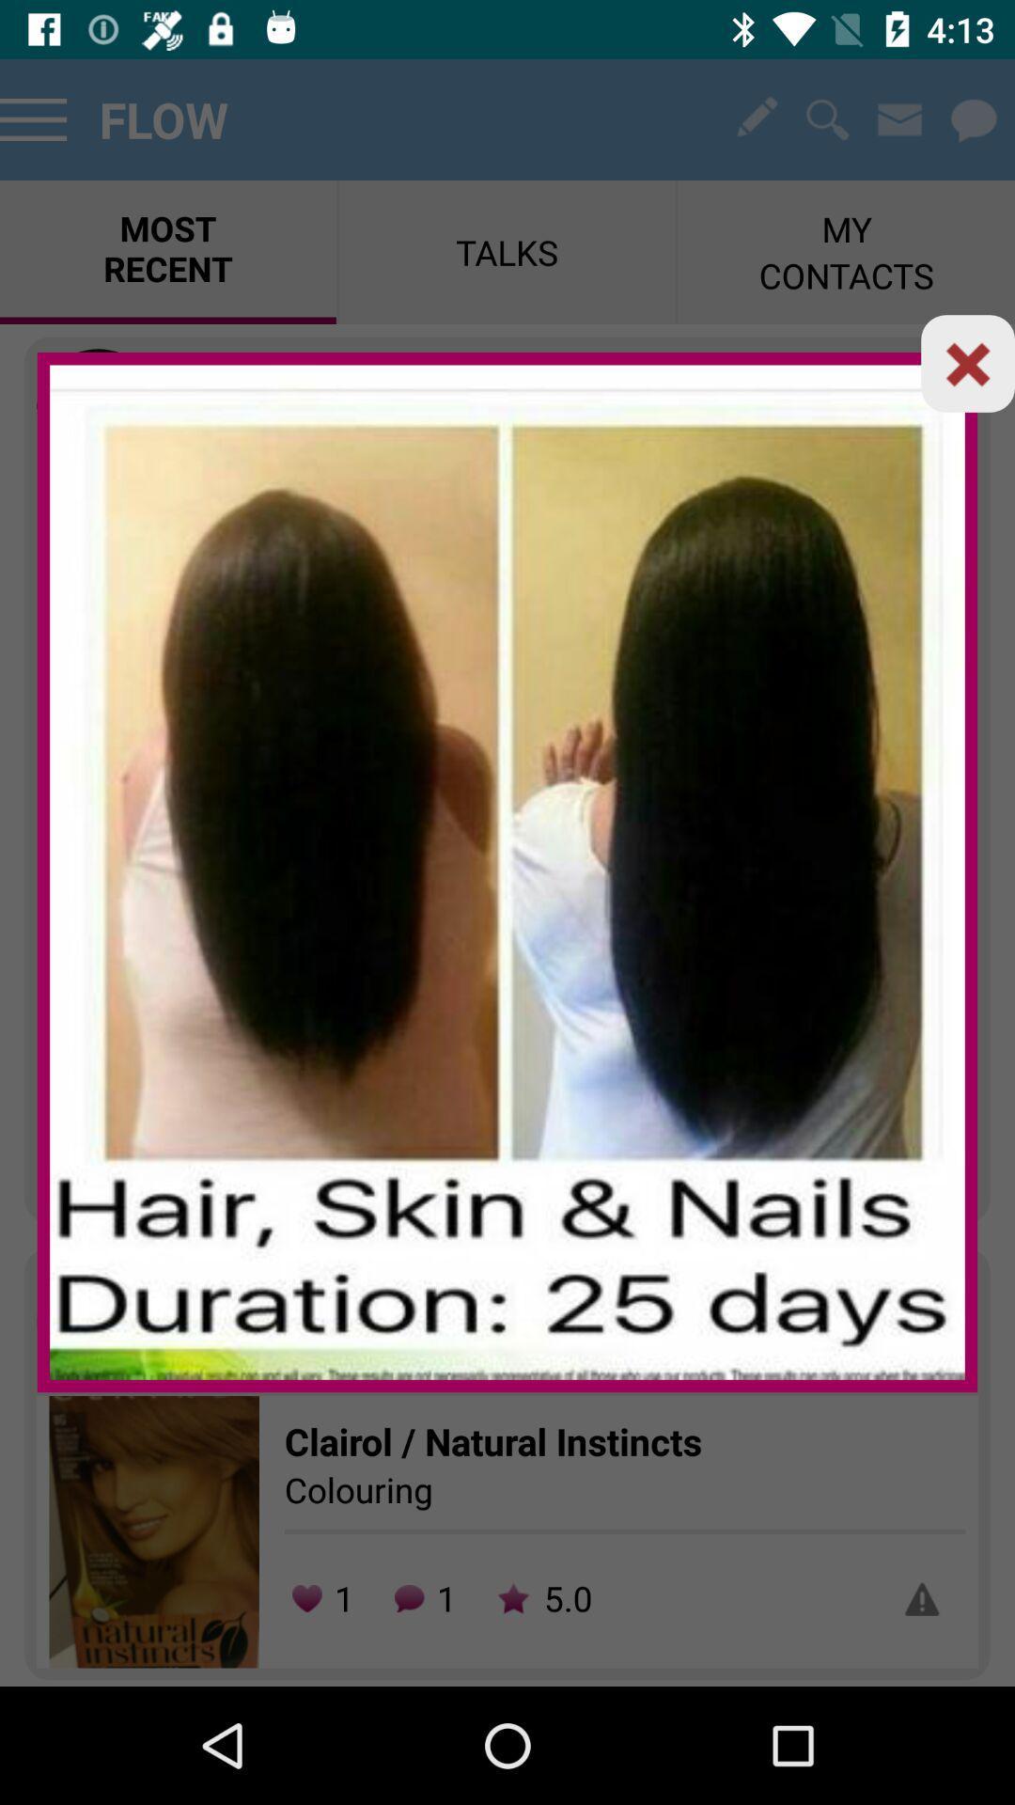 Image resolution: width=1015 pixels, height=1805 pixels. I want to click on window, so click(968, 364).